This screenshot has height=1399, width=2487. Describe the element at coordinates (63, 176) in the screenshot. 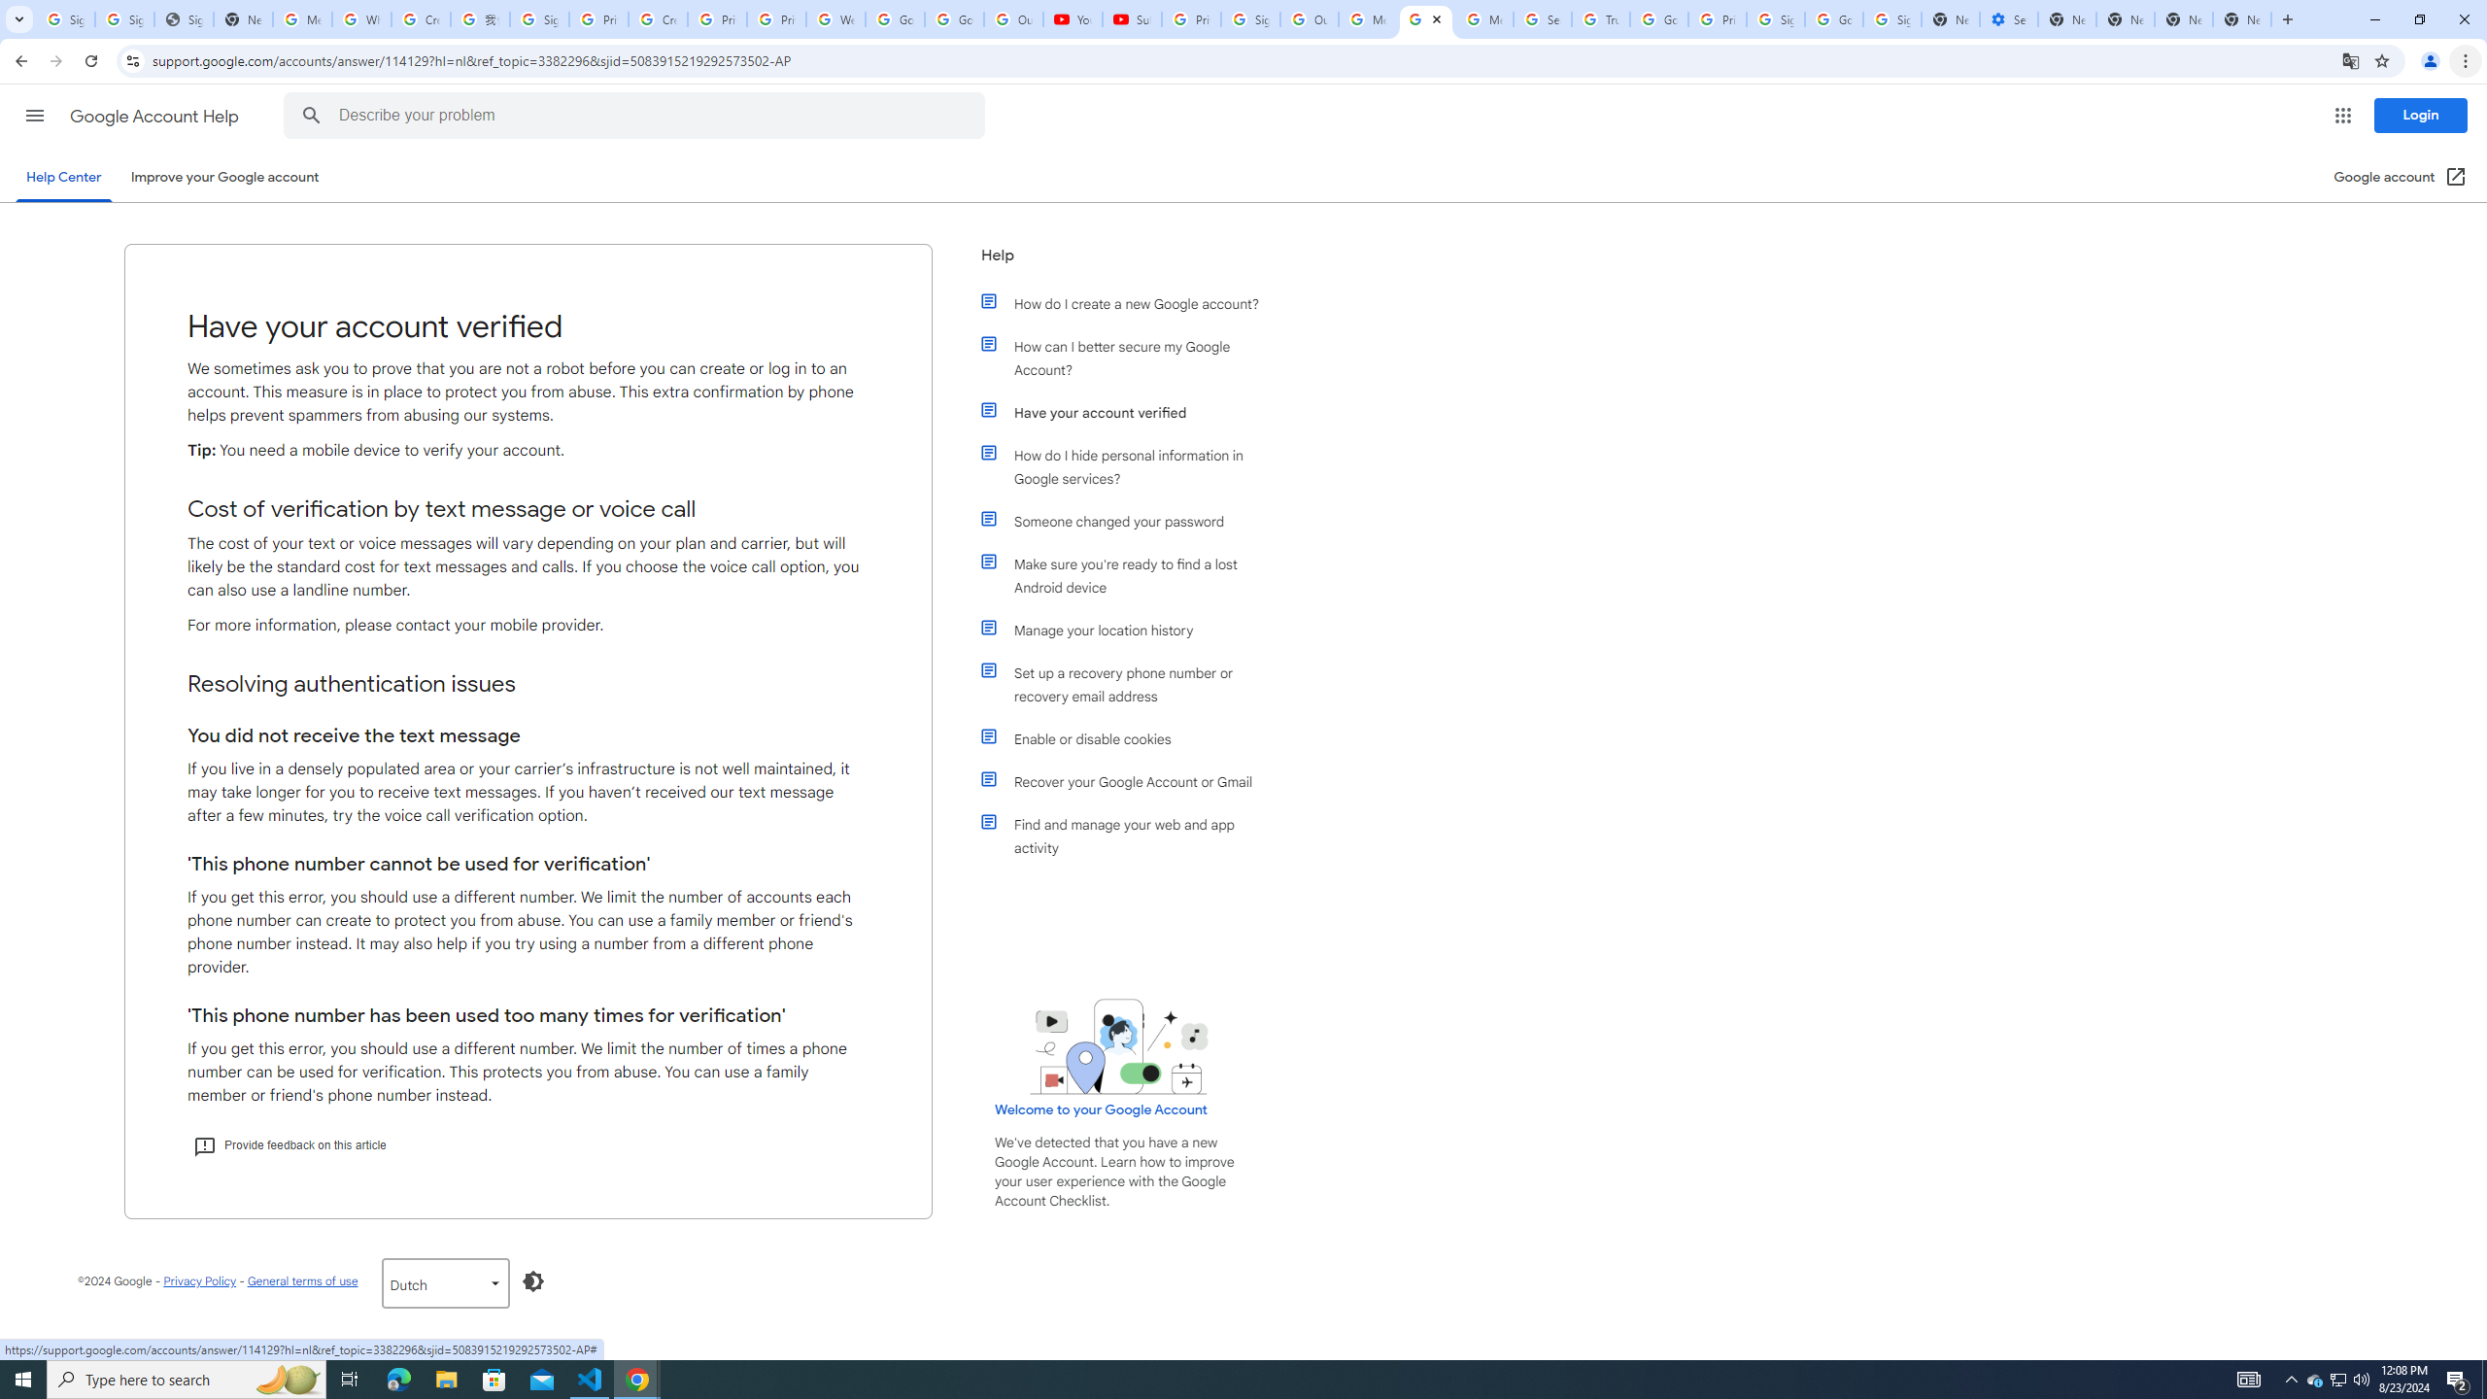

I see `'Help Center'` at that location.